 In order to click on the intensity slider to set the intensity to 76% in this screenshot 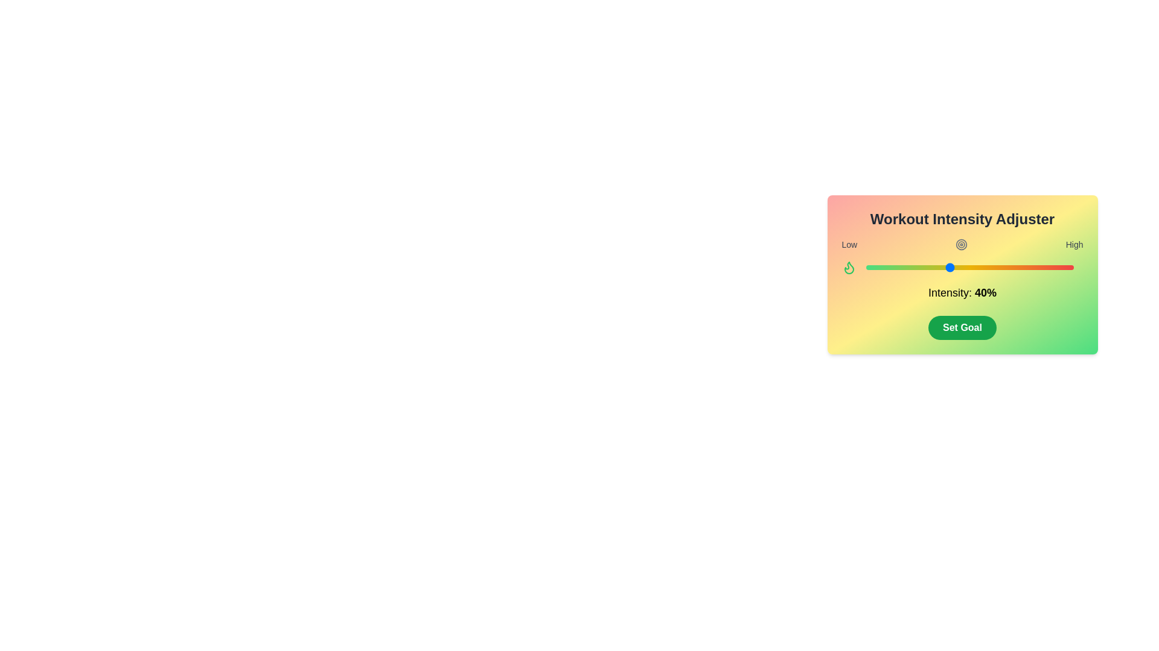, I will do `click(1023, 266)`.